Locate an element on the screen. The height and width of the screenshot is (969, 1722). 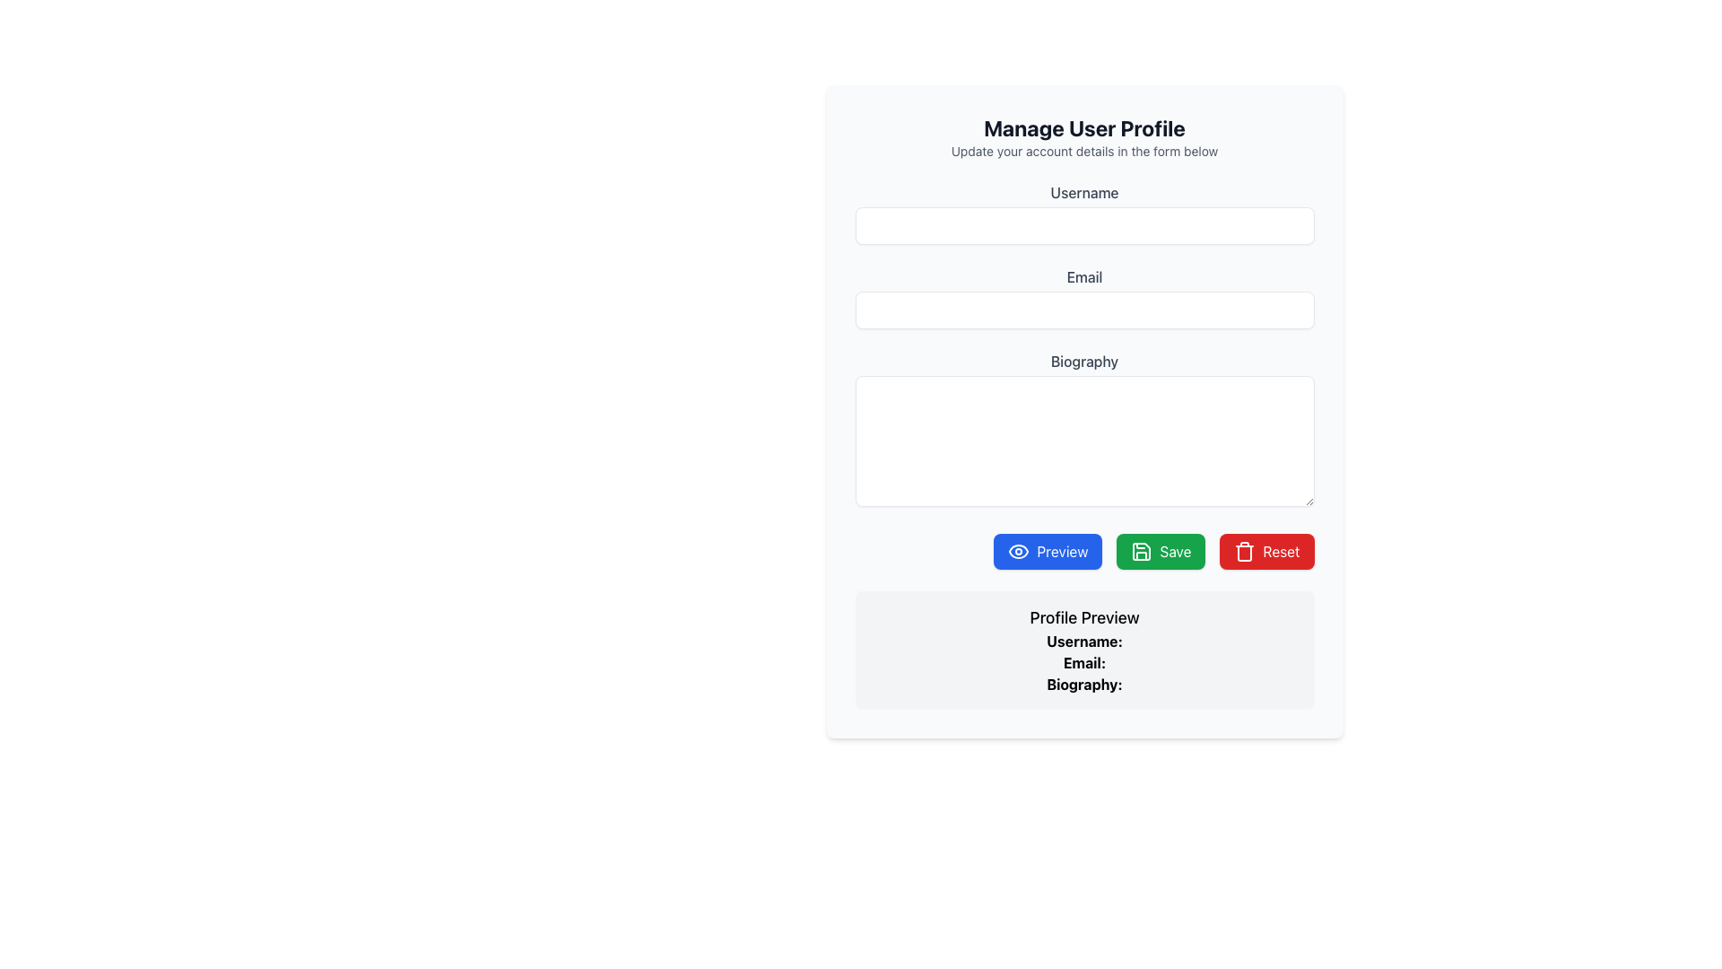
the 'Username:' label located in the 'Profile Preview' section, which is styled in bold black font and is the first label in the list is located at coordinates (1083, 640).